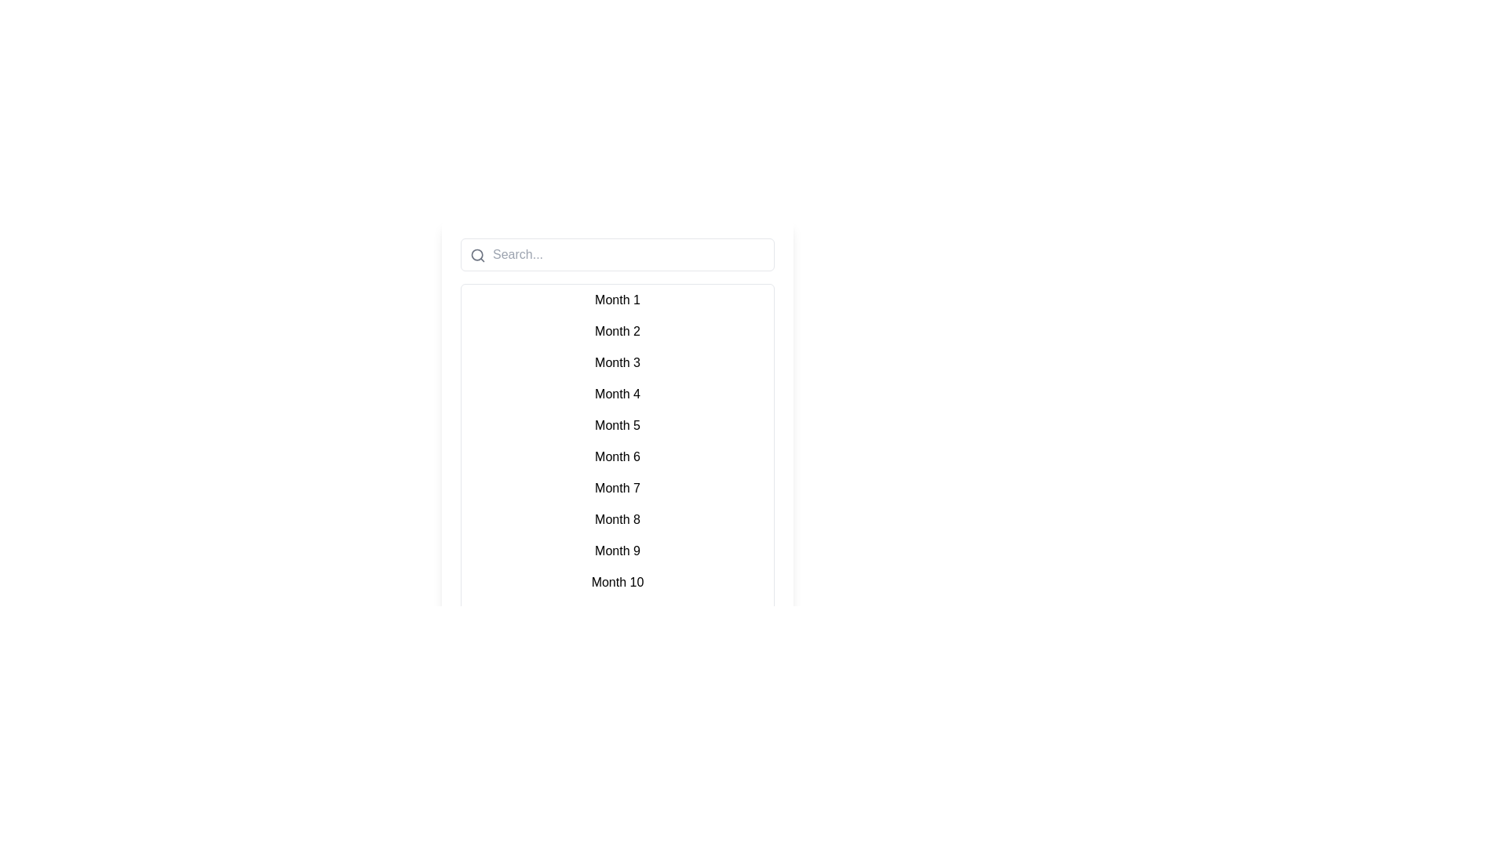 This screenshot has height=847, width=1507. Describe the element at coordinates (617, 393) in the screenshot. I see `the text label representing the fourth month in the list to interact with it, assuming functionality is available` at that location.